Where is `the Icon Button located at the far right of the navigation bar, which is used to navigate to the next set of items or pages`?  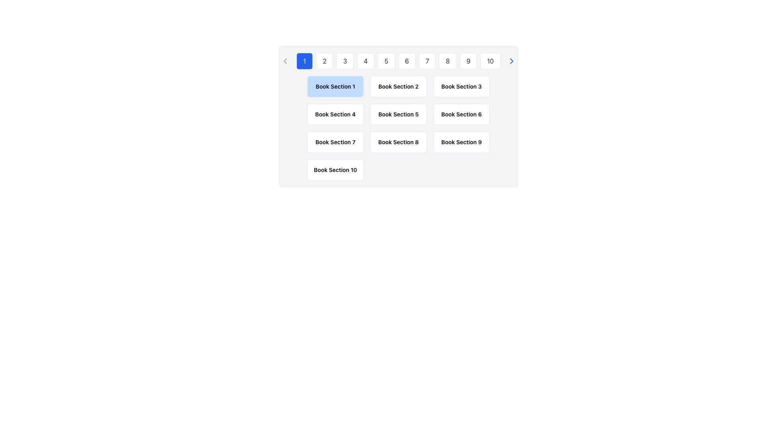
the Icon Button located at the far right of the navigation bar, which is used to navigate to the next set of items or pages is located at coordinates (512, 61).